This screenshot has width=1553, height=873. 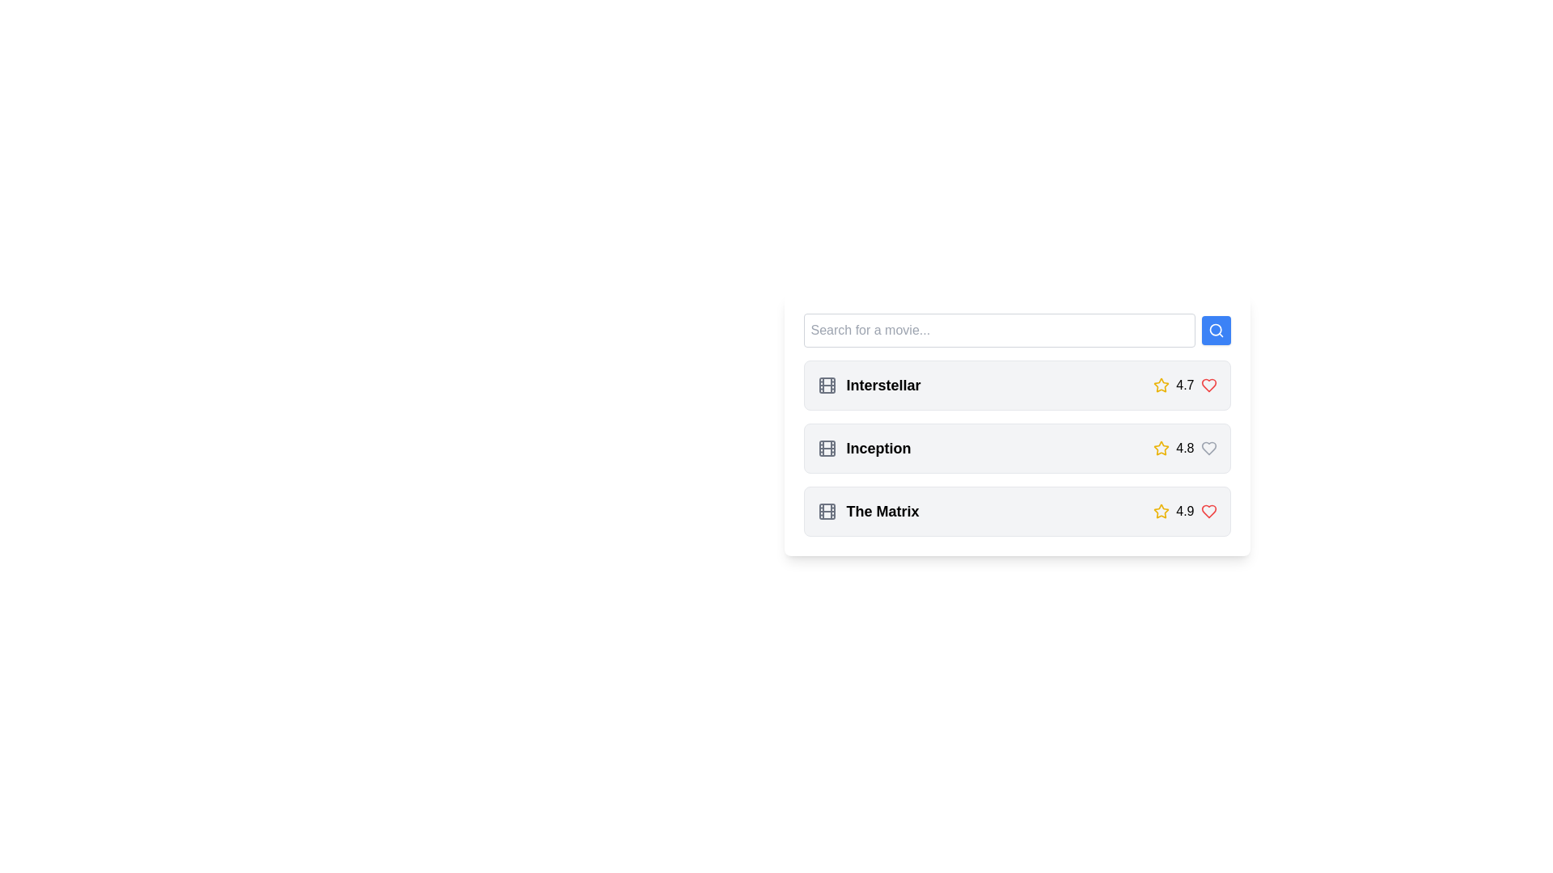 What do you see at coordinates (1185, 511) in the screenshot?
I see `the text label displaying the rating '4.9' for the movie 'The Matrix', which is styled in black on a light background` at bounding box center [1185, 511].